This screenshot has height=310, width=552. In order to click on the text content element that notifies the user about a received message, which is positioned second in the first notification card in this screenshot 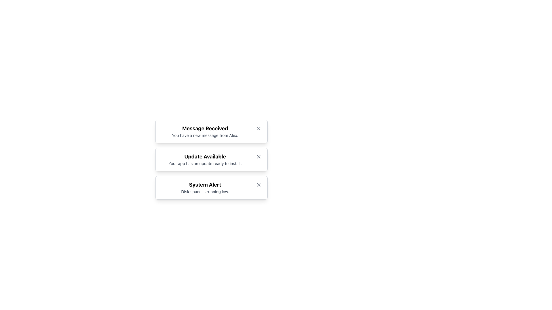, I will do `click(205, 131)`.